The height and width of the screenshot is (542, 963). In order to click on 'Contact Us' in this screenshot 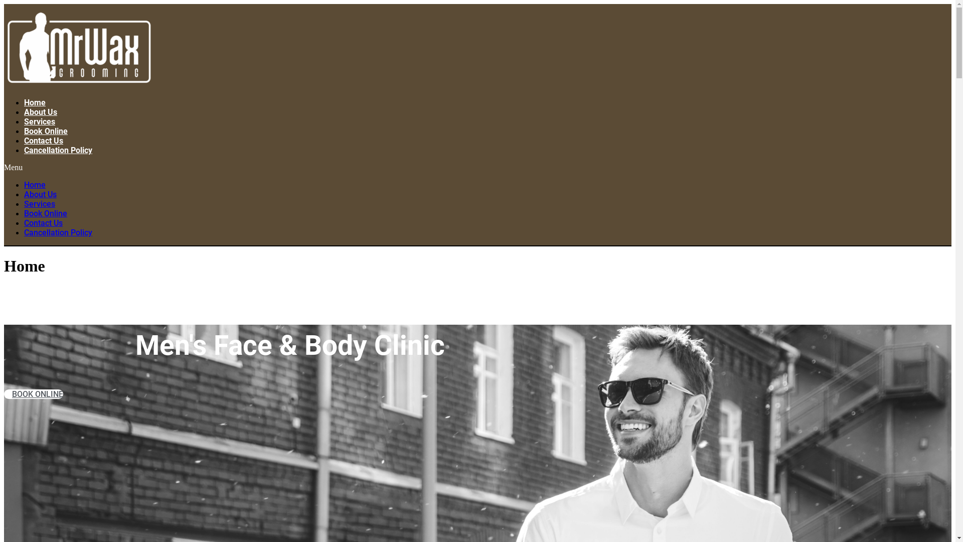, I will do `click(43, 222)`.